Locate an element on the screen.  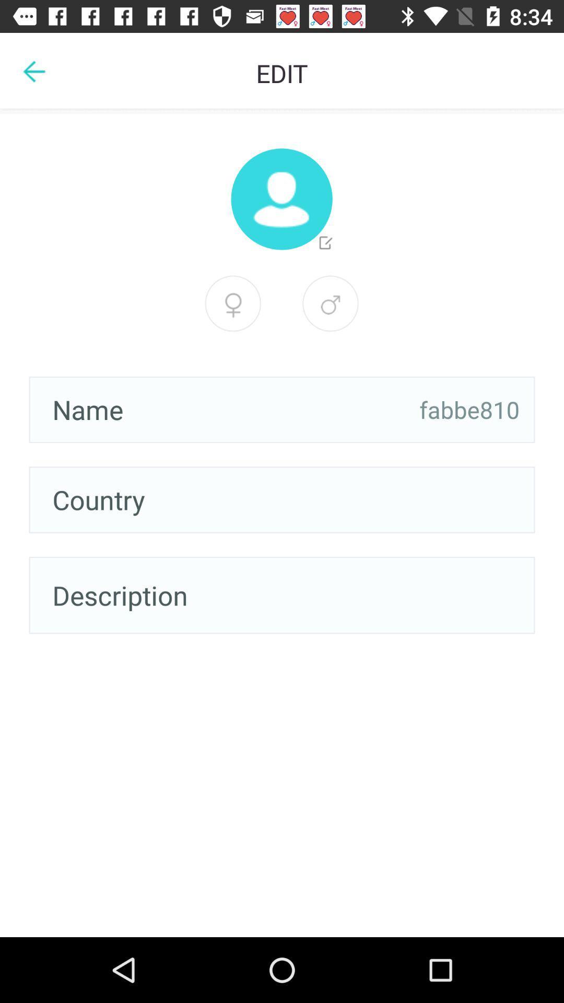
fabbe810 item is located at coordinates (469, 409).